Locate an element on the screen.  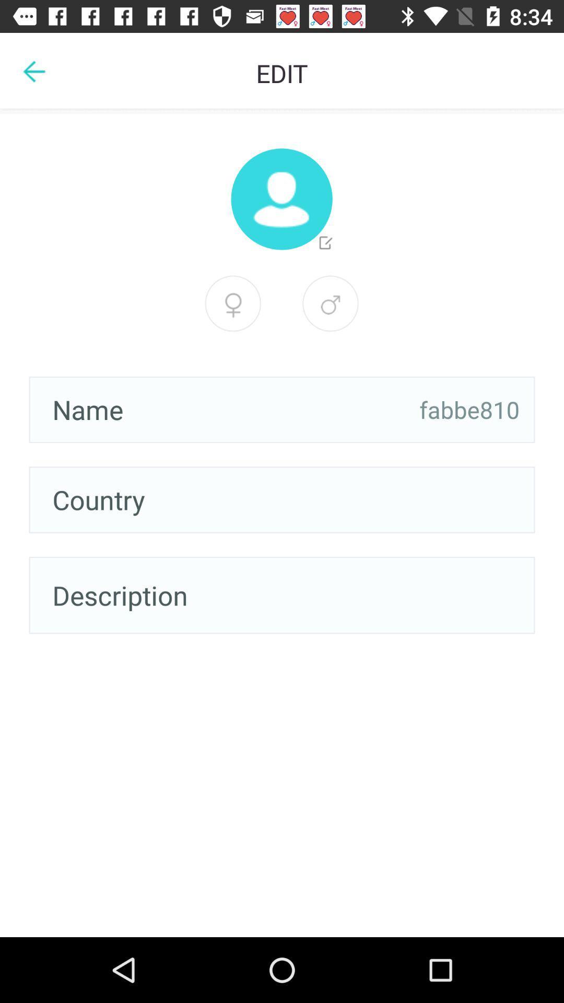
fabbe810 item is located at coordinates (469, 409).